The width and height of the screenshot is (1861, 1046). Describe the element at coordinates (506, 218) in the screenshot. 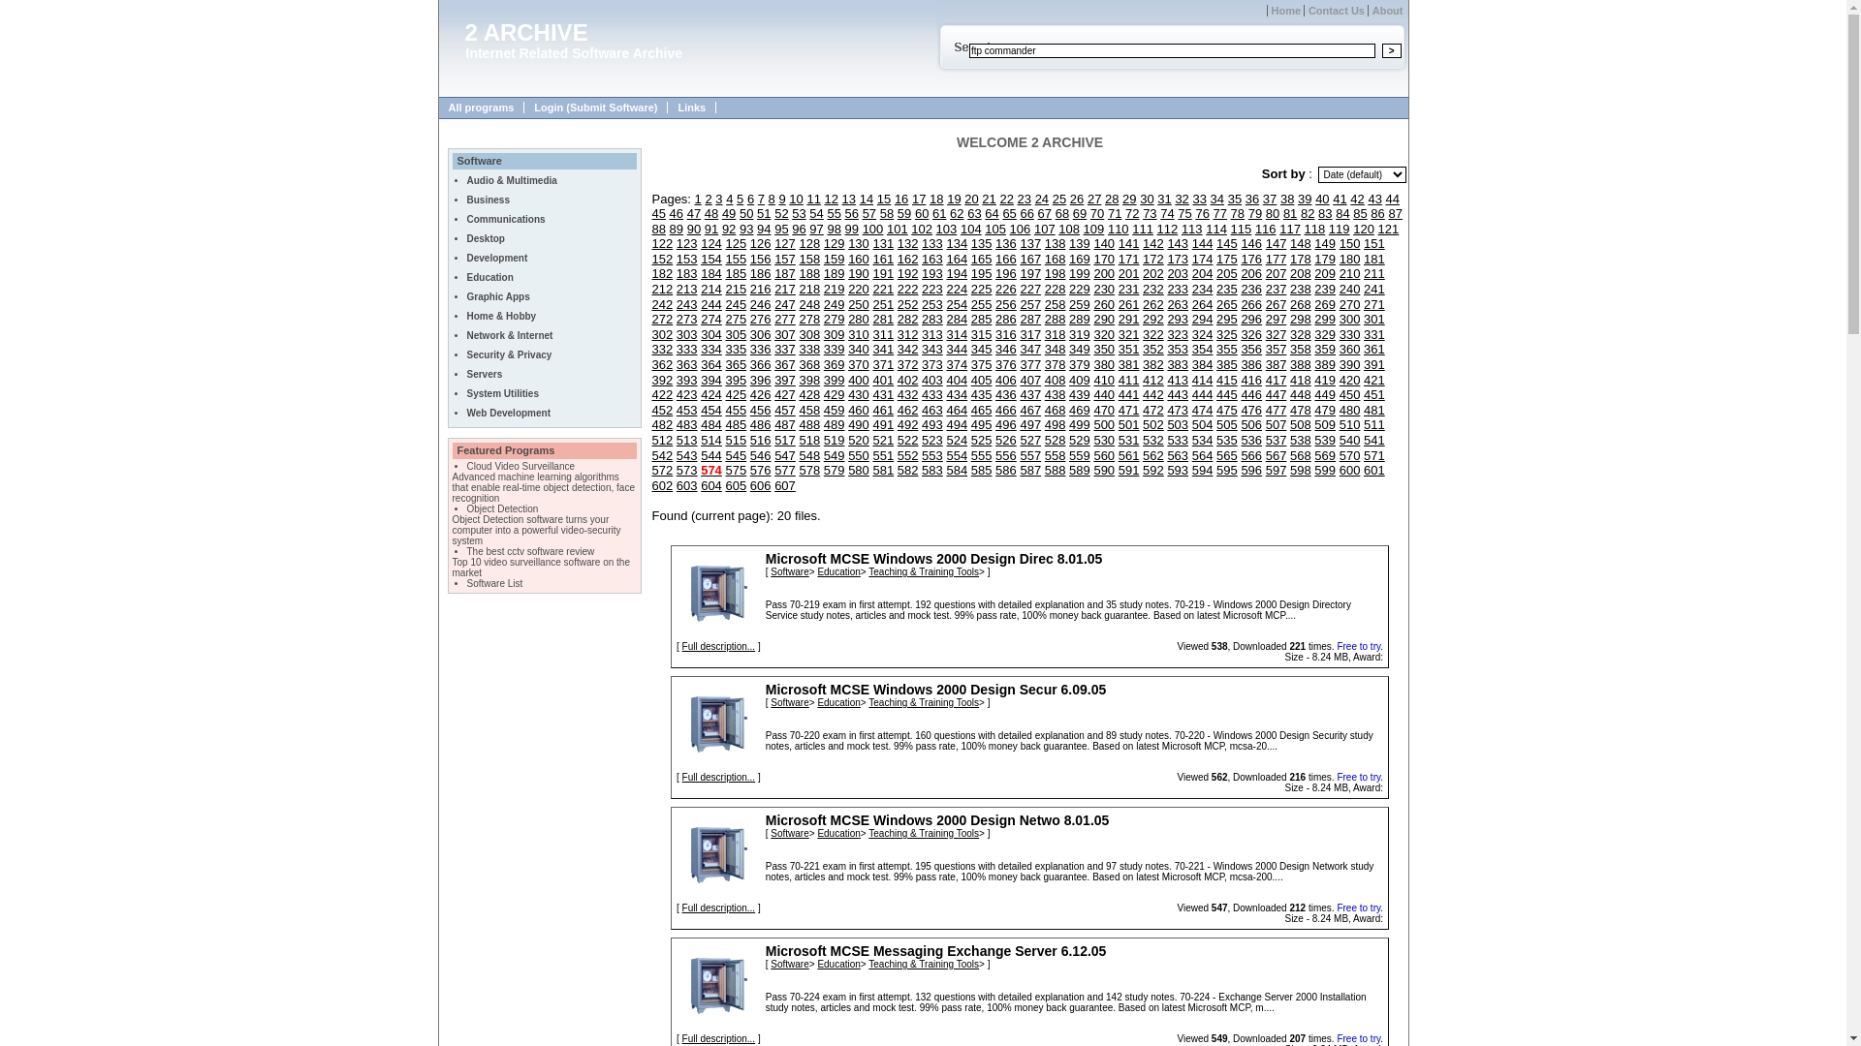

I see `'Communications'` at that location.